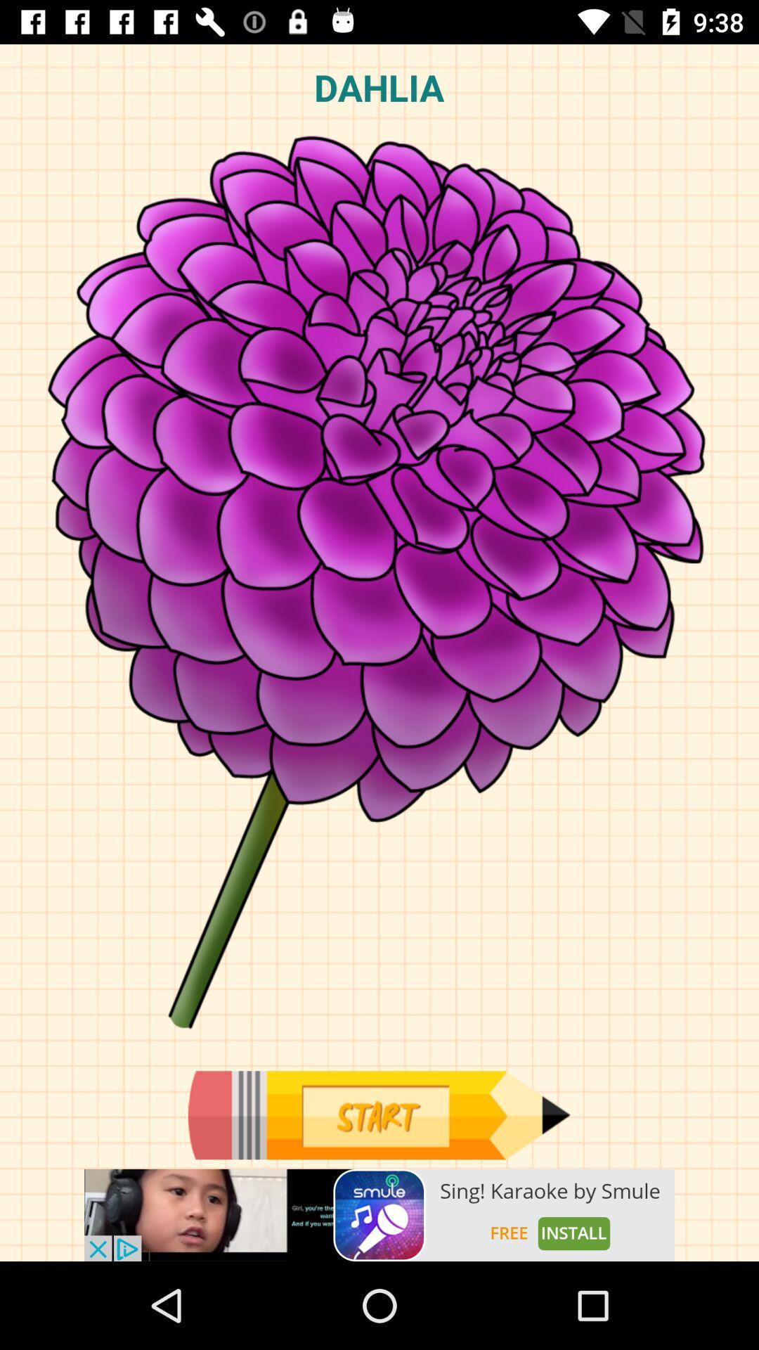 The height and width of the screenshot is (1350, 759). Describe the element at coordinates (378, 1114) in the screenshot. I see `start here` at that location.